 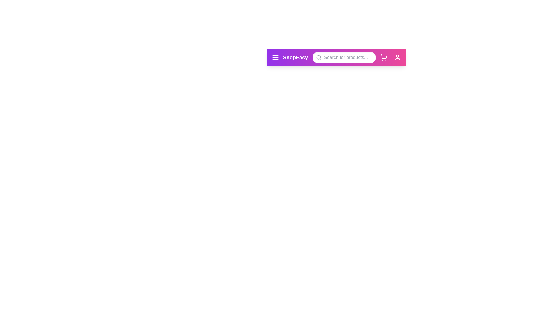 What do you see at coordinates (384, 57) in the screenshot?
I see `the cart icon to observe its hover effect` at bounding box center [384, 57].